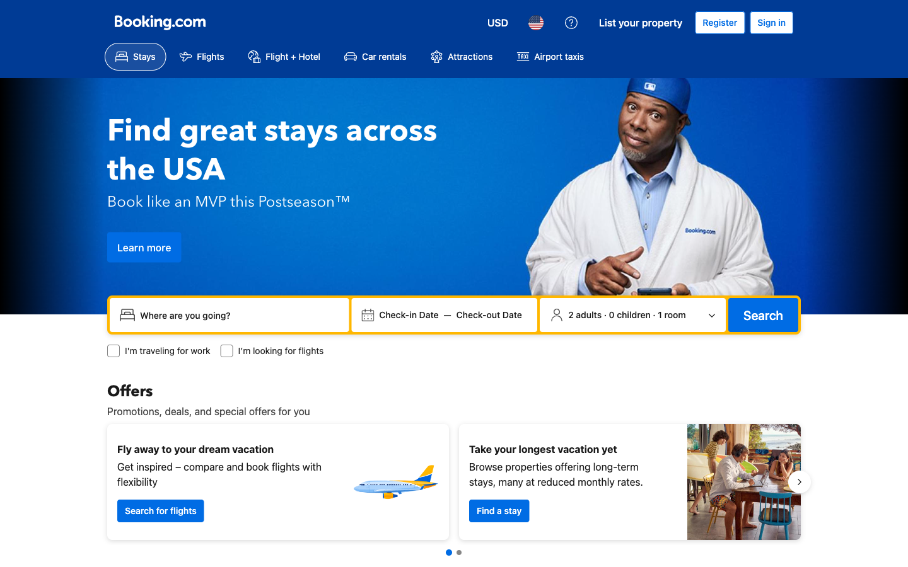  I want to click on Look for accommodations using the button at the base, so click(499, 510).